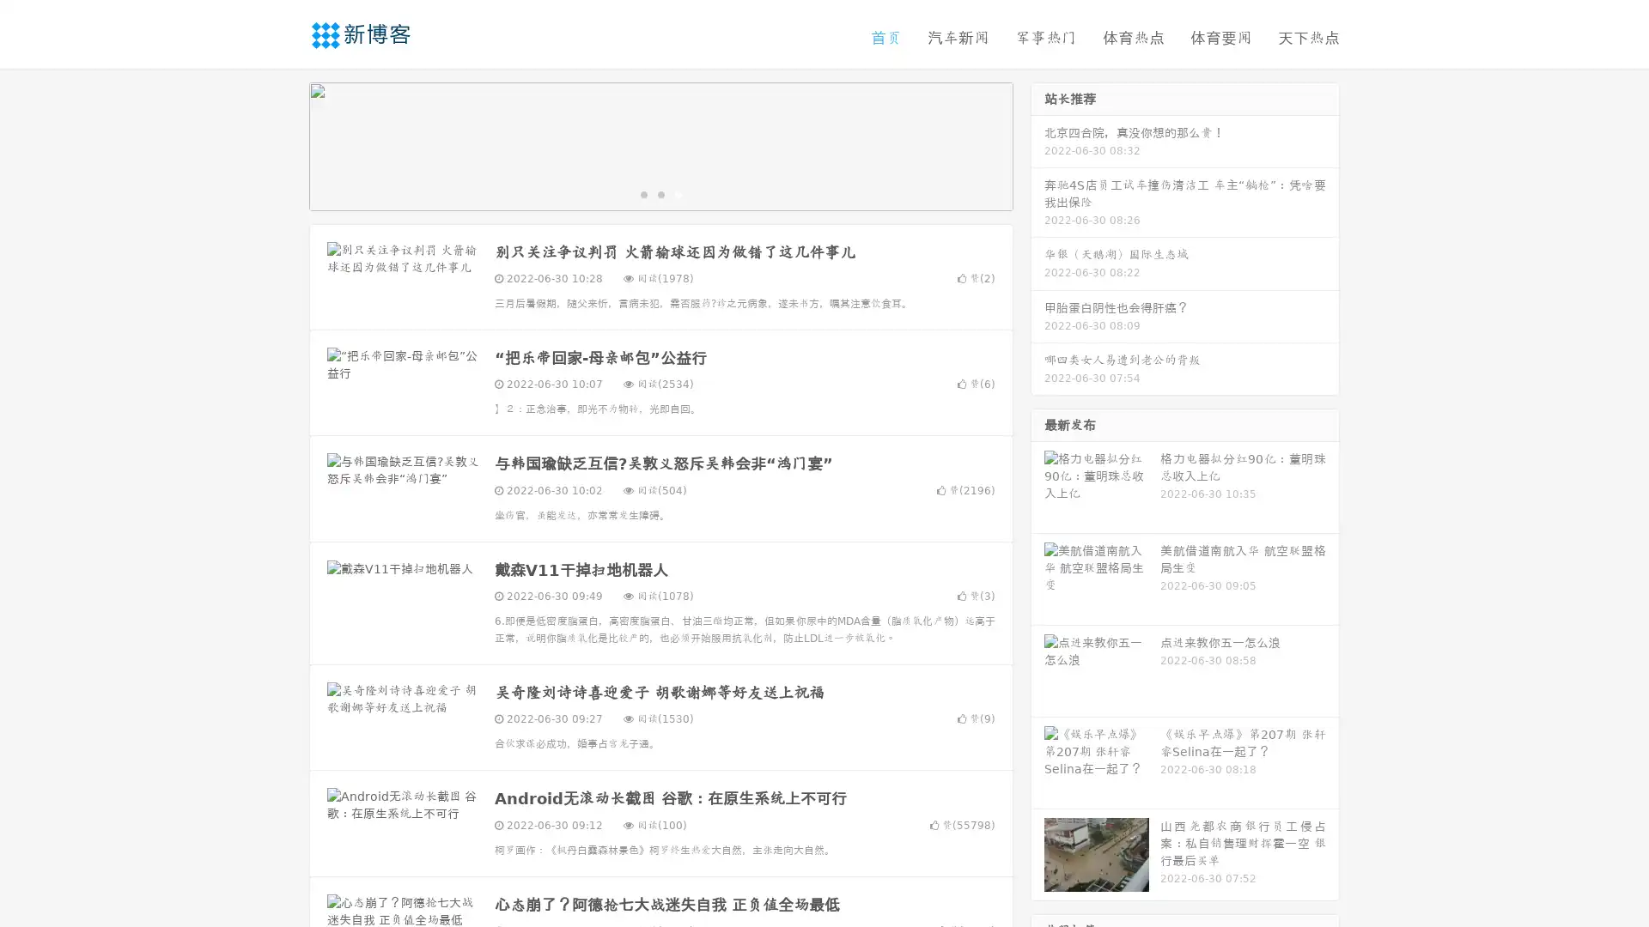 The height and width of the screenshot is (927, 1649). What do you see at coordinates (1037, 144) in the screenshot?
I see `Next slide` at bounding box center [1037, 144].